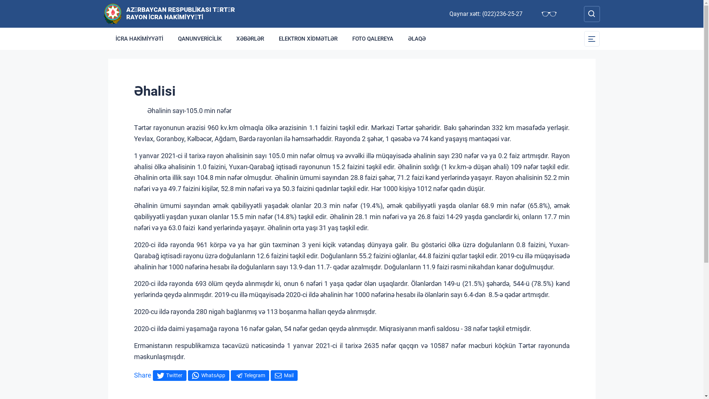  What do you see at coordinates (250, 375) in the screenshot?
I see `'Telegram'` at bounding box center [250, 375].